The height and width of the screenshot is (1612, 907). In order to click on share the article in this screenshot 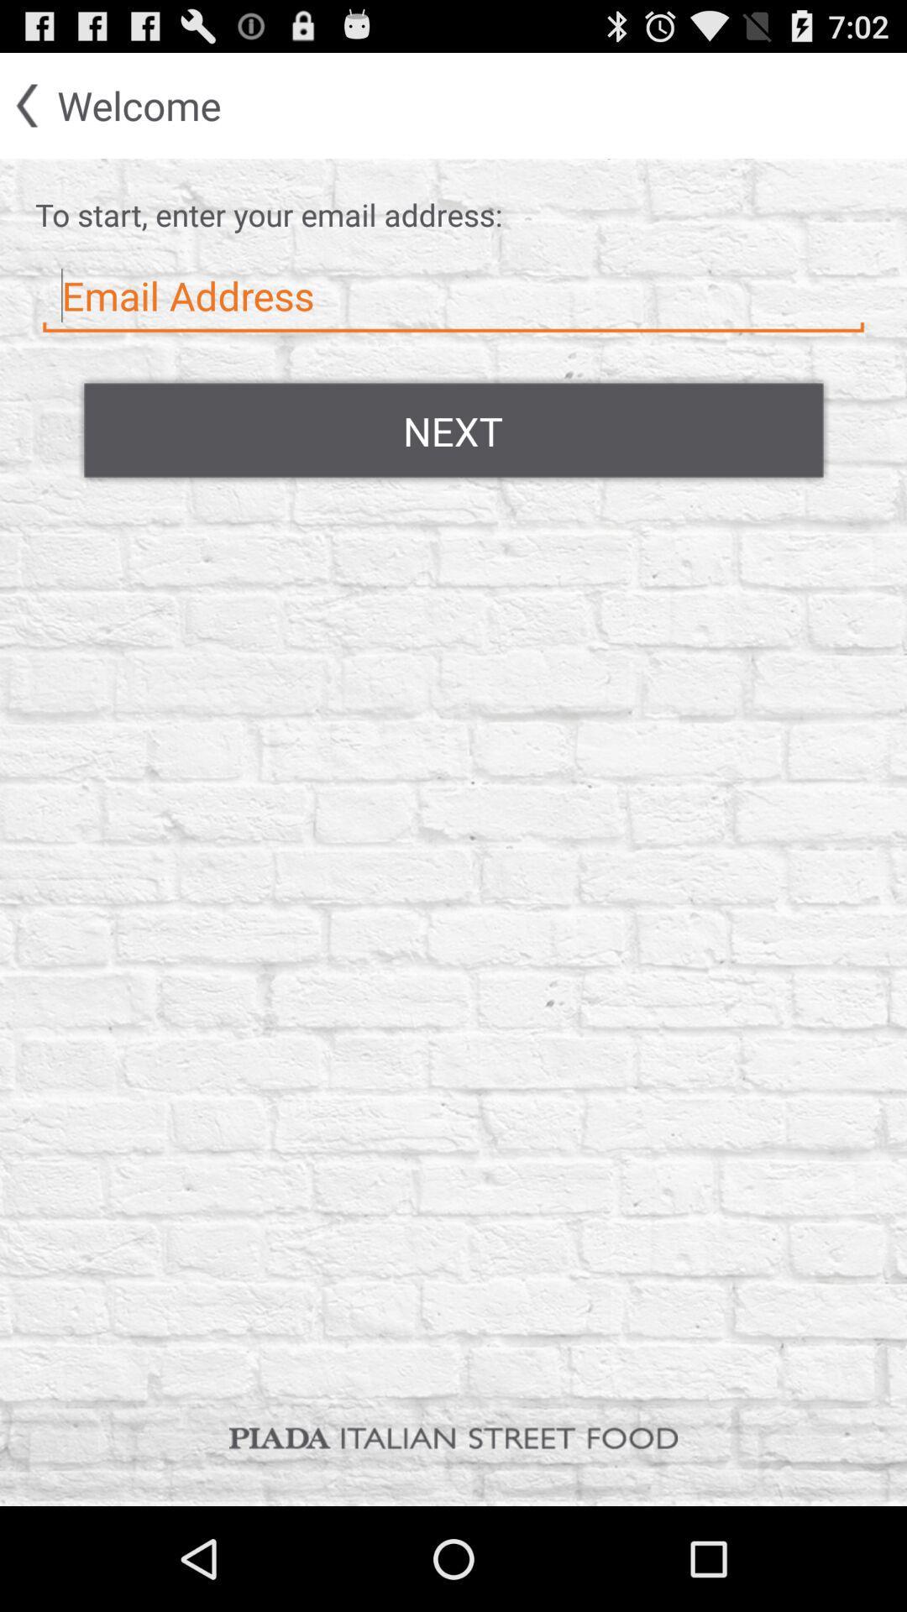, I will do `click(453, 296)`.